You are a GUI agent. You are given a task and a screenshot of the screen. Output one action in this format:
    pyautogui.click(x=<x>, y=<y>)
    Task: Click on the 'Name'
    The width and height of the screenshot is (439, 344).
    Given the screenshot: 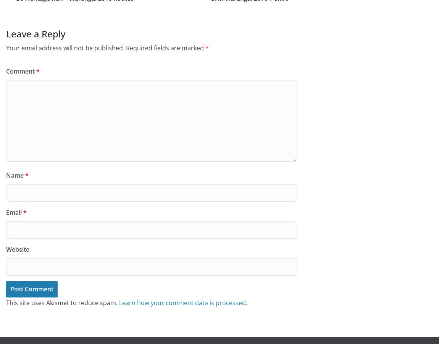 What is the action you would take?
    pyautogui.click(x=15, y=175)
    